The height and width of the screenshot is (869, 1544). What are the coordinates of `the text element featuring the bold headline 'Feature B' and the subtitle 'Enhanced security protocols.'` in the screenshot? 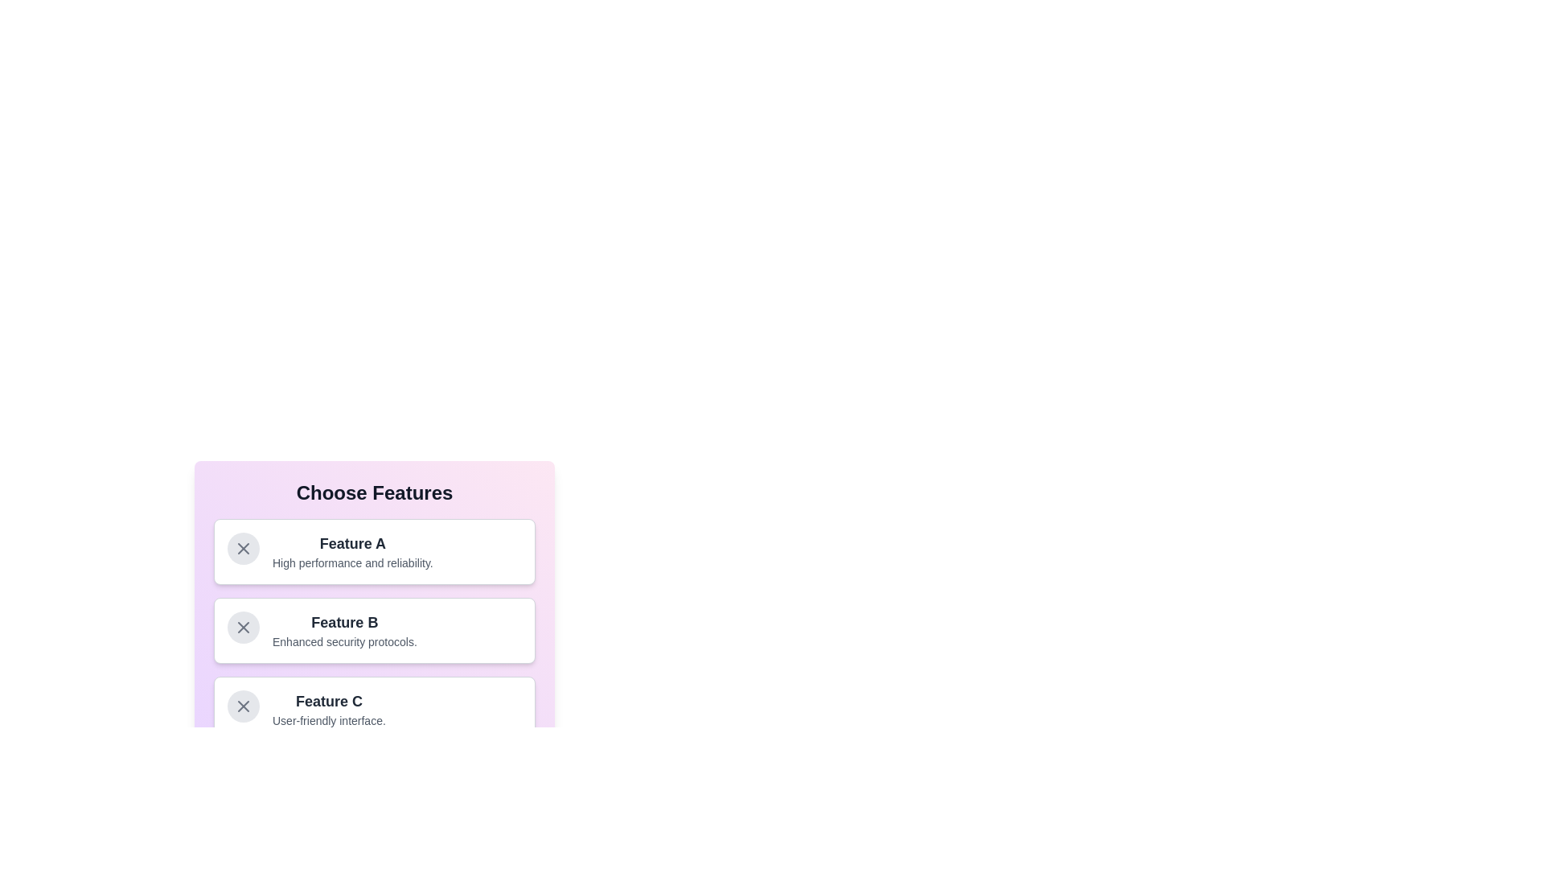 It's located at (343, 629).